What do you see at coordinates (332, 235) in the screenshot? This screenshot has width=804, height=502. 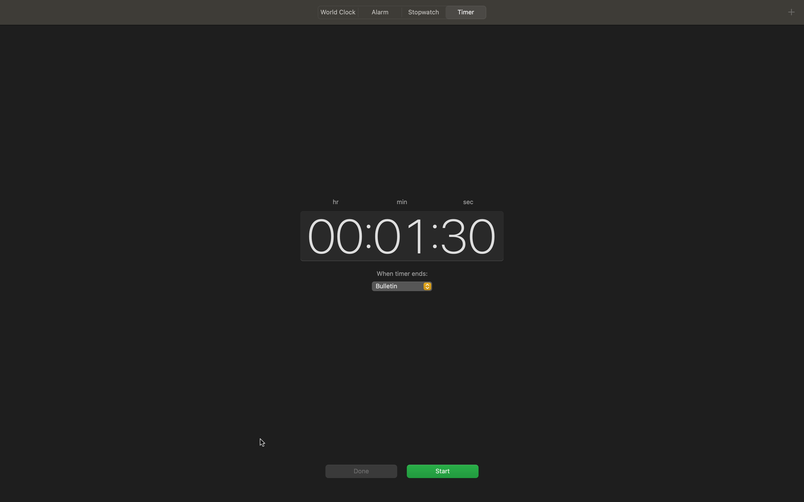 I see `Adjust the hour setting to 12` at bounding box center [332, 235].